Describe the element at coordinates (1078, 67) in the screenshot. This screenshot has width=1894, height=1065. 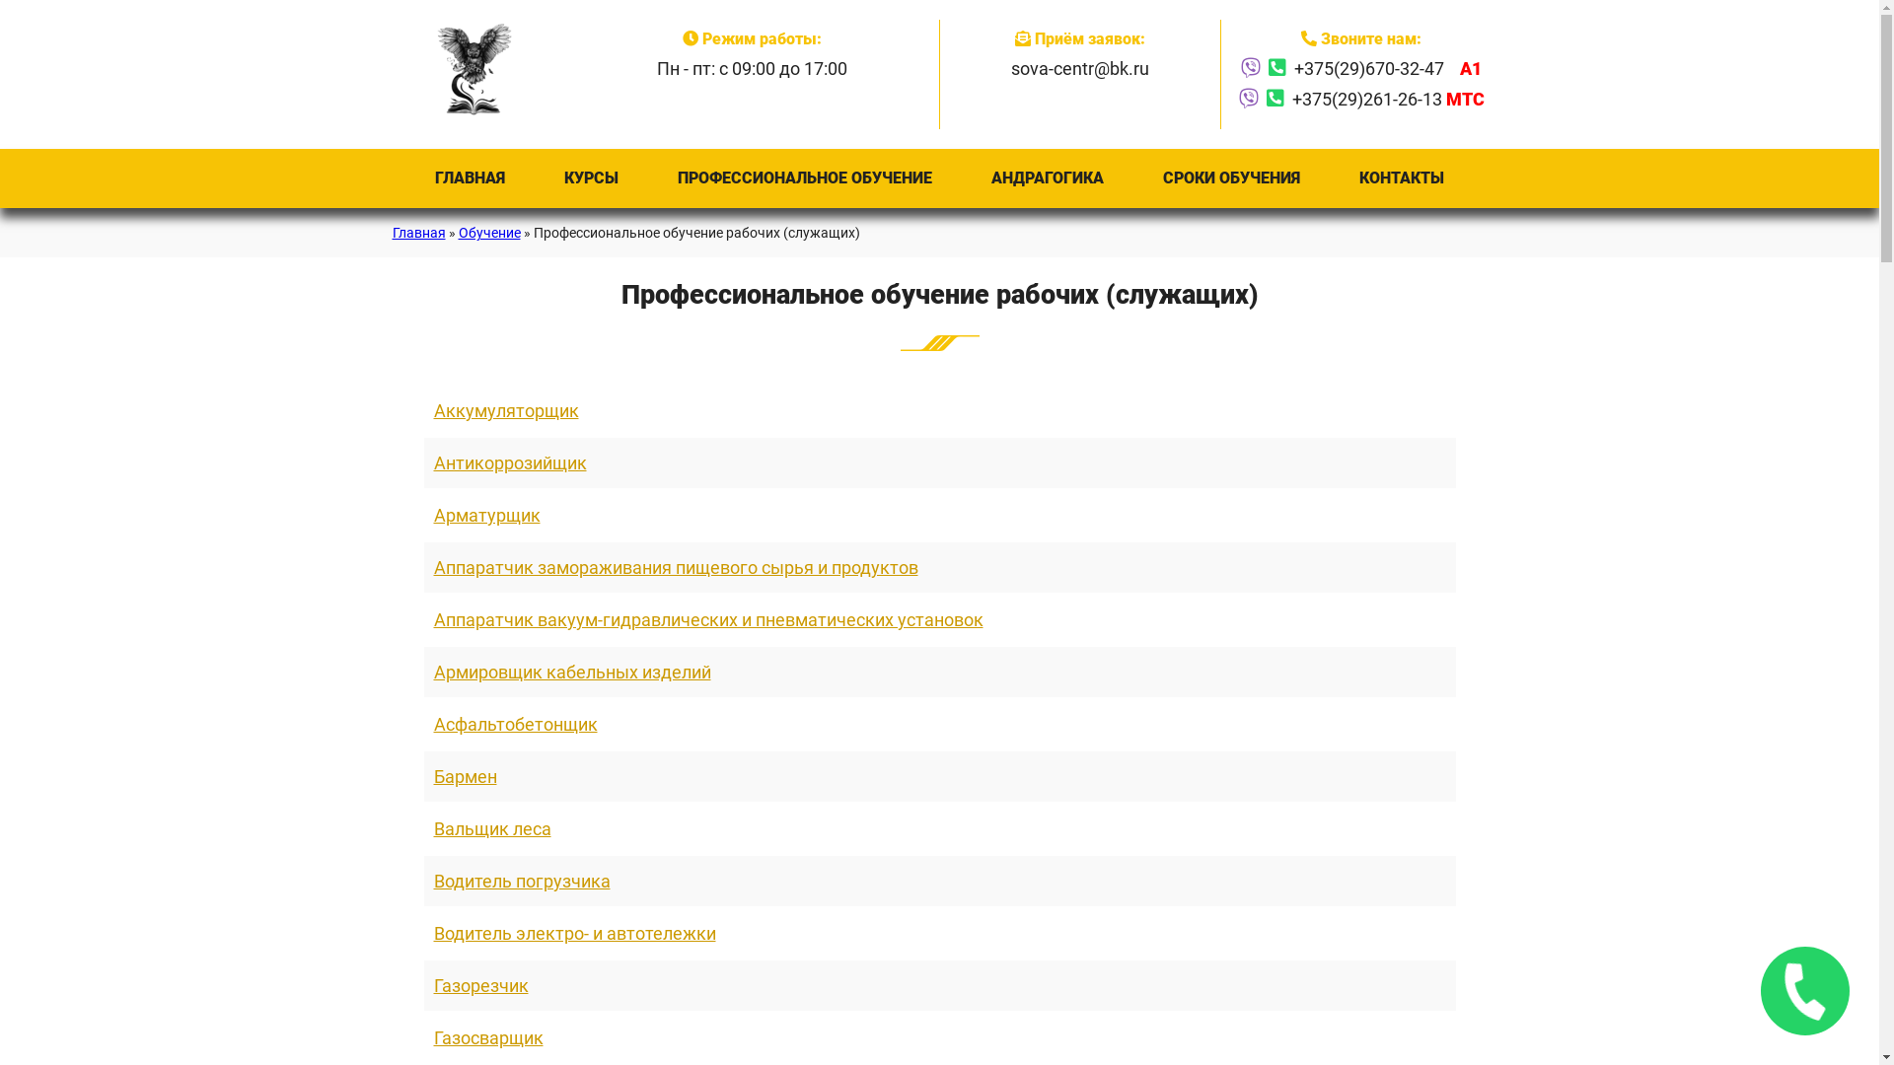
I see `'sova-centr@bk.ru'` at that location.